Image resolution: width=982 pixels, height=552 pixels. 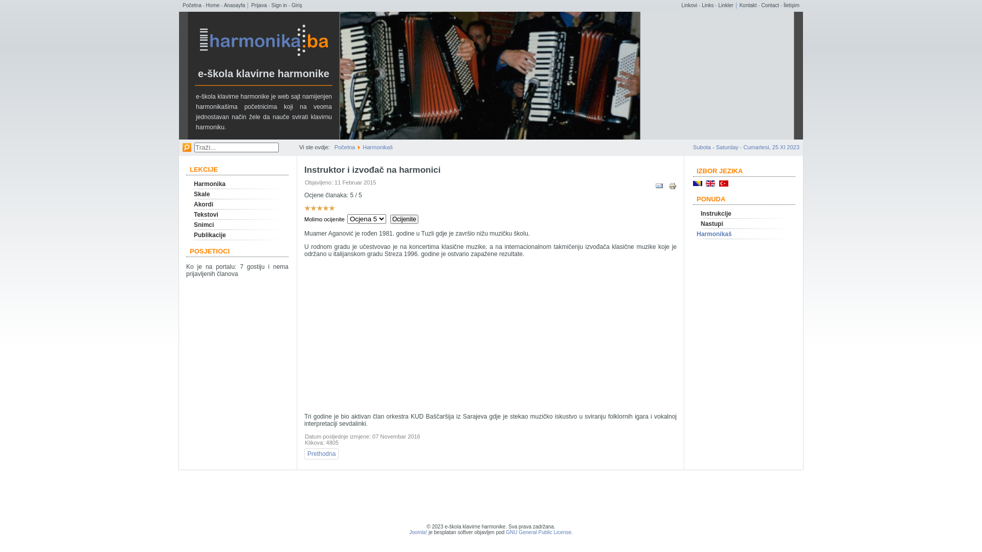 I want to click on 'Skale', so click(x=237, y=194).